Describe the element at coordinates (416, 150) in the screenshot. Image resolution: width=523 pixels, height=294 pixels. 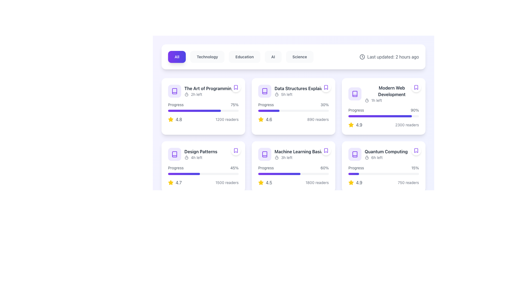
I see `the bookmark button located in the top-right corner of the 'Quantum Computing' card` at that location.